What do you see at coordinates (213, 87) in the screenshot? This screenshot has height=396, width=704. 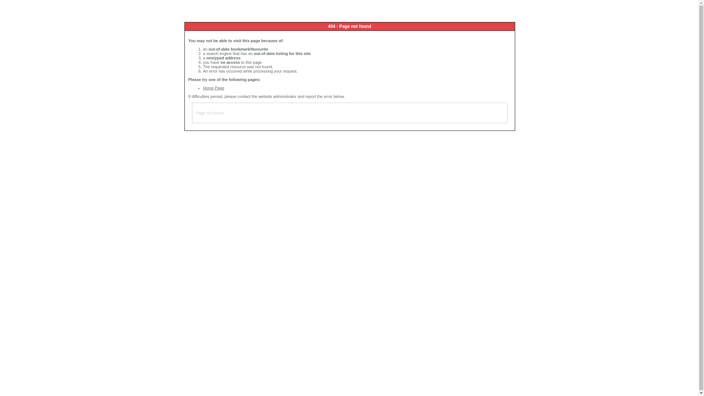 I see `'Home Page'` at bounding box center [213, 87].